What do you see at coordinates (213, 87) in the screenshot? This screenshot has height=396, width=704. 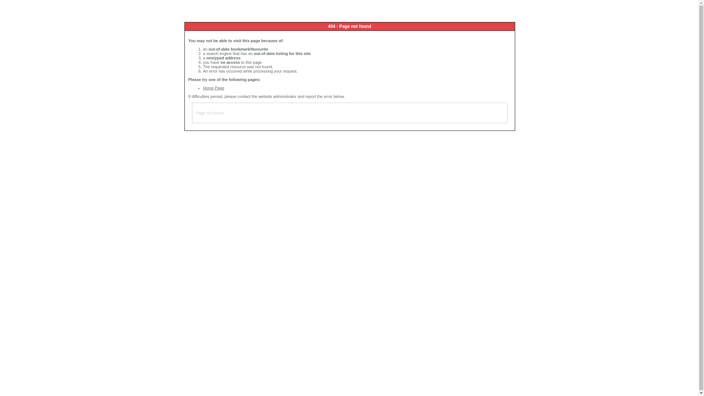 I see `'Home Page'` at bounding box center [213, 87].